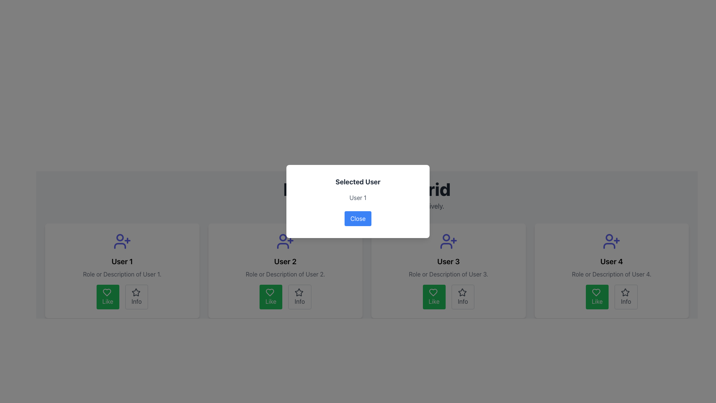  What do you see at coordinates (612, 241) in the screenshot?
I see `the icon located at the center top area inside the card for 'User 4', which is part of a four-card grid layout, specifically in the fourth card from left to right` at bounding box center [612, 241].